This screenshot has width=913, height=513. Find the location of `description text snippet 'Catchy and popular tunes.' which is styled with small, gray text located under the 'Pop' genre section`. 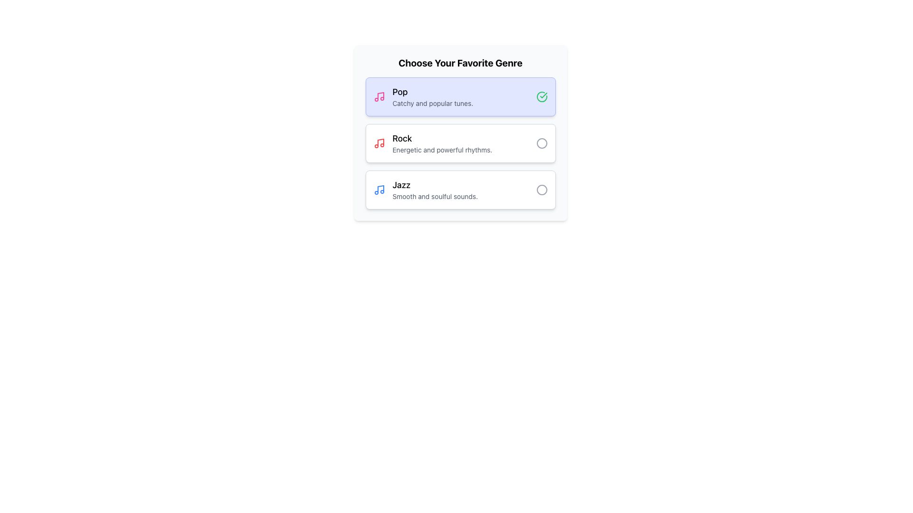

description text snippet 'Catchy and popular tunes.' which is styled with small, gray text located under the 'Pop' genre section is located at coordinates (464, 104).